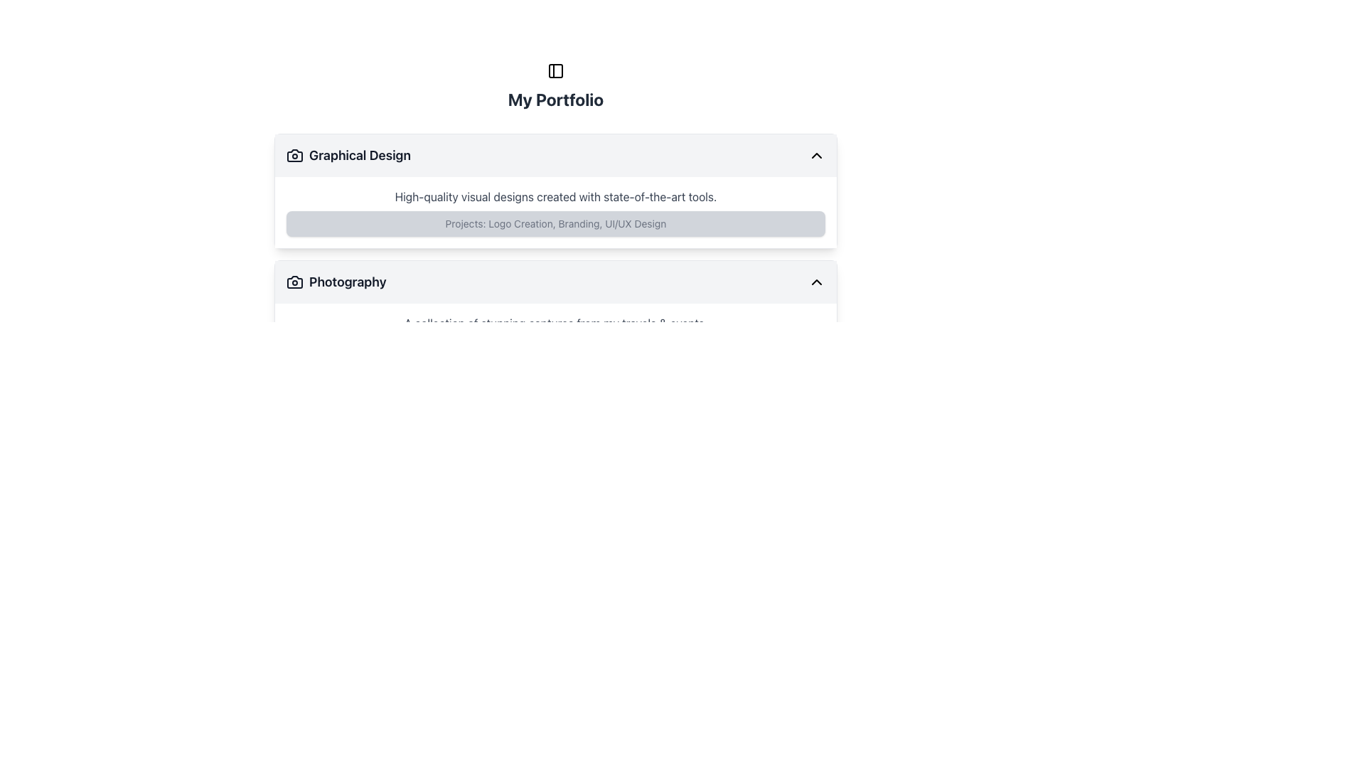 The width and height of the screenshot is (1365, 768). What do you see at coordinates (555, 87) in the screenshot?
I see `the location context of the Header with icon that displays 'My Portfolio', which is styled in bold` at bounding box center [555, 87].